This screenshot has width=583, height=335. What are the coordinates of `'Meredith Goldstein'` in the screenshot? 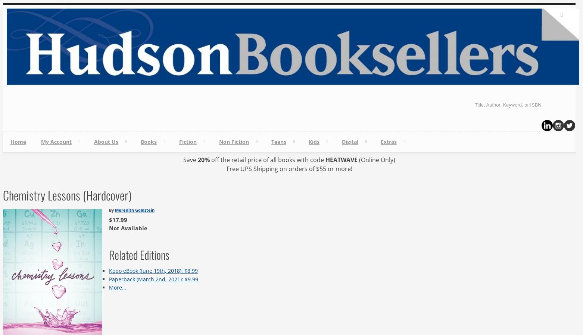 It's located at (134, 209).